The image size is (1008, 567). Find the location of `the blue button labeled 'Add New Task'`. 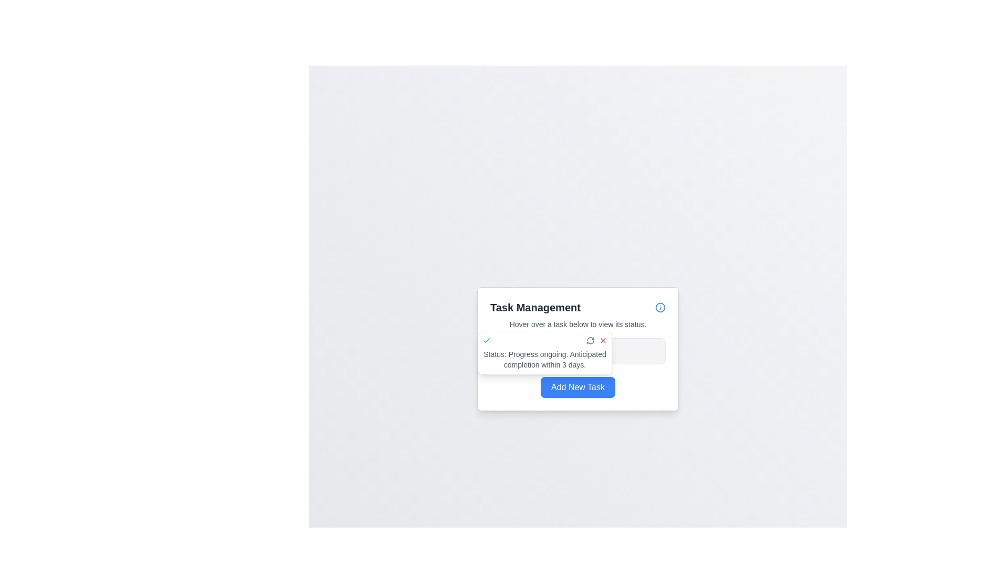

the blue button labeled 'Add New Task' is located at coordinates (577, 387).